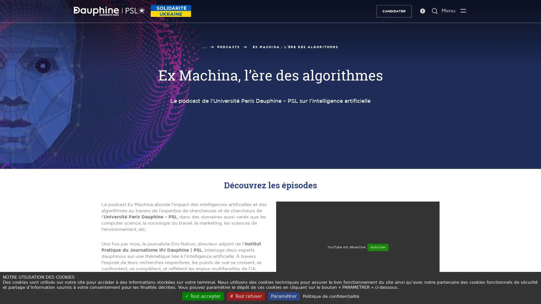  What do you see at coordinates (284, 296) in the screenshot?
I see `Parametrer (fenetre modale)` at bounding box center [284, 296].